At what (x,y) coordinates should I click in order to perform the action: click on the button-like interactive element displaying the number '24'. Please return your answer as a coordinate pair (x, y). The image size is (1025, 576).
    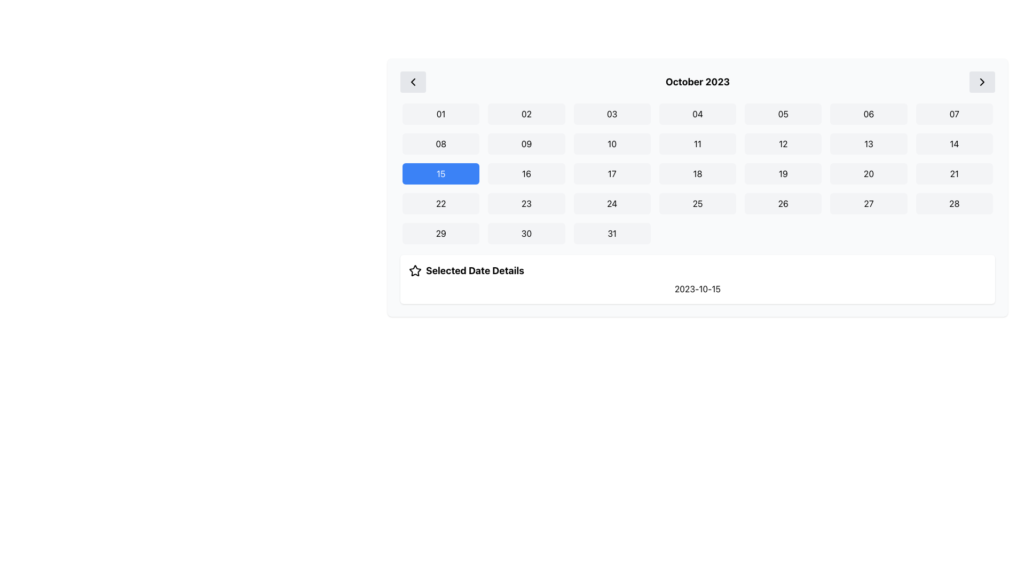
    Looking at the image, I should click on (612, 203).